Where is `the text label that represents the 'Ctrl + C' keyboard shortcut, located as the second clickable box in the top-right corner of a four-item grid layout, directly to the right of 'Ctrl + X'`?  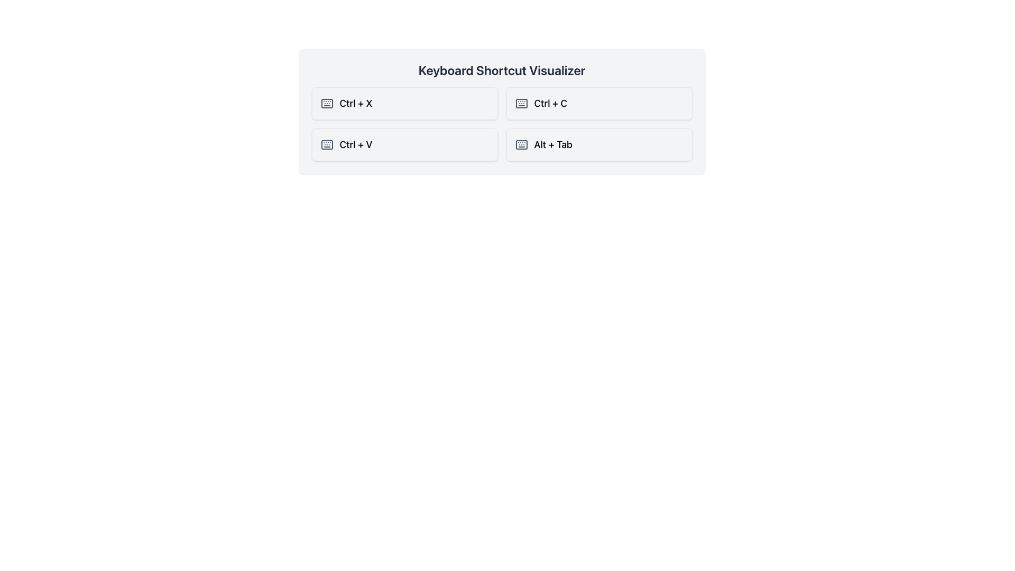 the text label that represents the 'Ctrl + C' keyboard shortcut, located as the second clickable box in the top-right corner of a four-item grid layout, directly to the right of 'Ctrl + X' is located at coordinates (550, 104).